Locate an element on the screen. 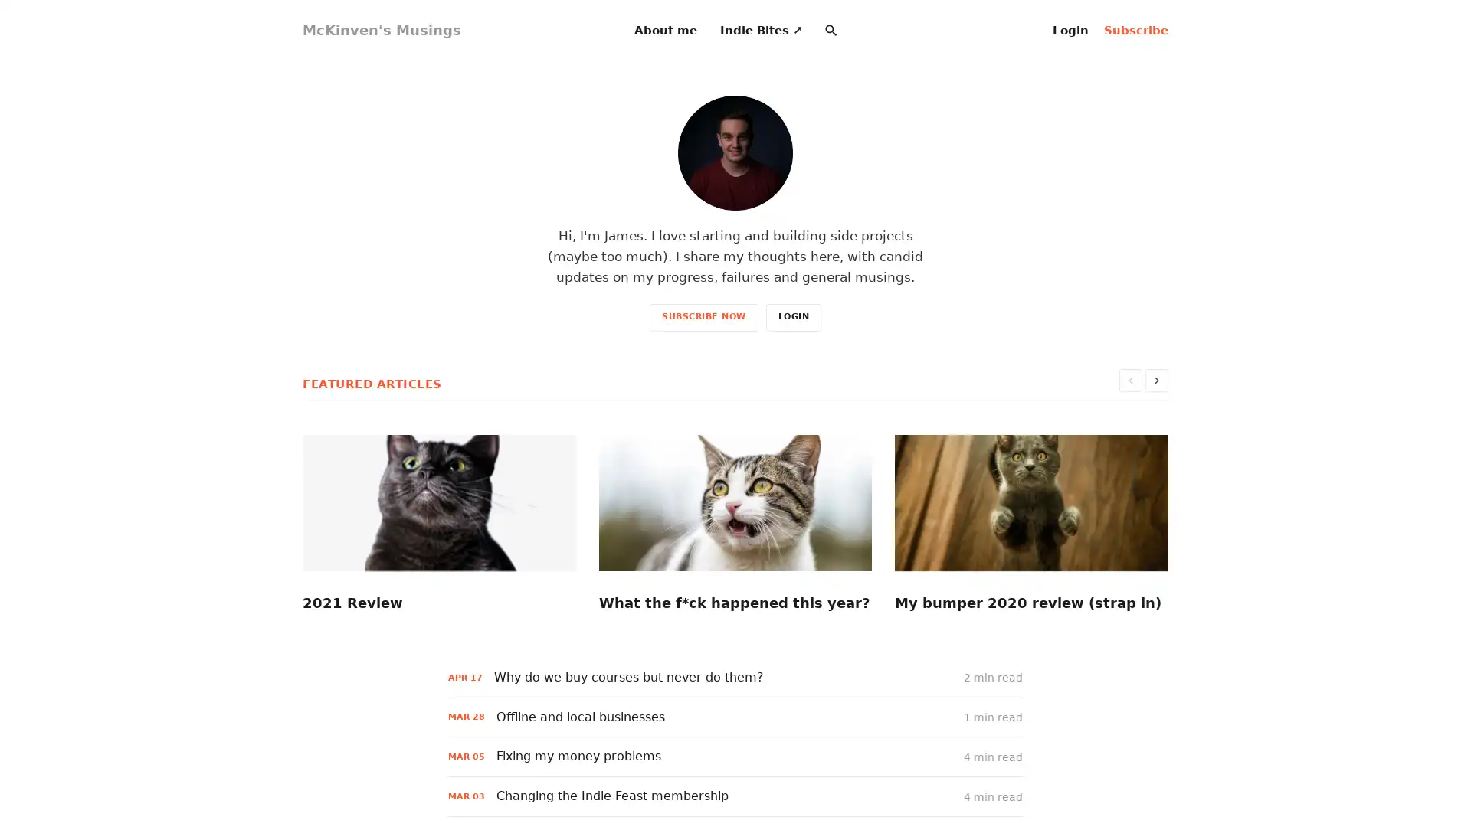 The height and width of the screenshot is (827, 1471). Subscribe is located at coordinates (1136, 30).